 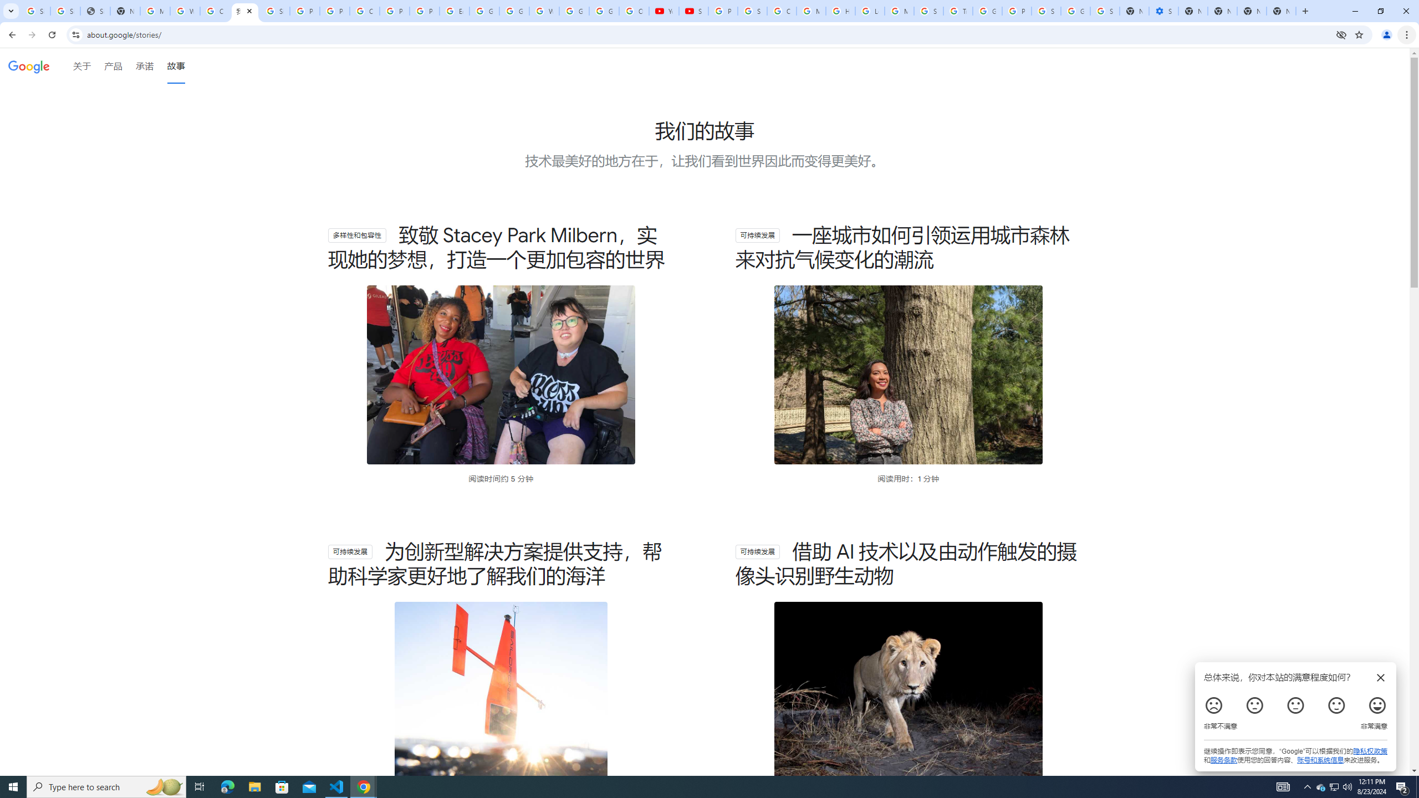 What do you see at coordinates (544, 11) in the screenshot?
I see `'Welcome to My Activity'` at bounding box center [544, 11].